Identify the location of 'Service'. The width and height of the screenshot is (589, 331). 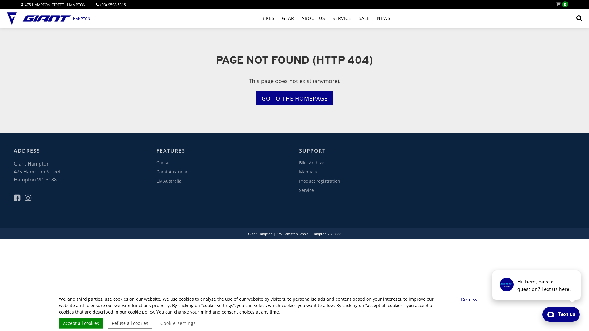
(306, 190).